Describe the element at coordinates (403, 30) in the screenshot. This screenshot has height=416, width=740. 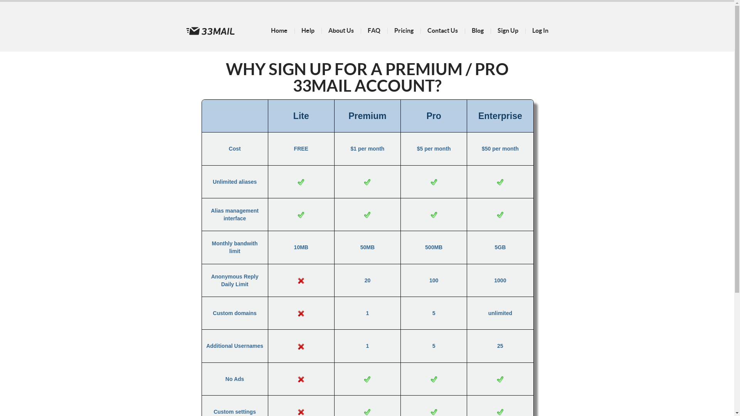
I see `'Pricing'` at that location.